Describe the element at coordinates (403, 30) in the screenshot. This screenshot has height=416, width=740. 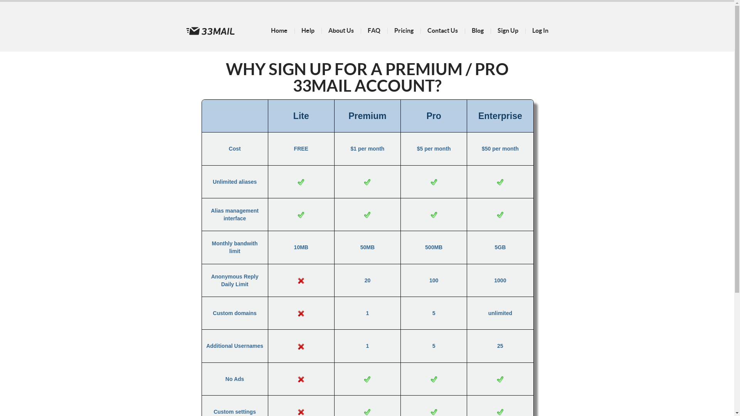
I see `'Pricing'` at that location.